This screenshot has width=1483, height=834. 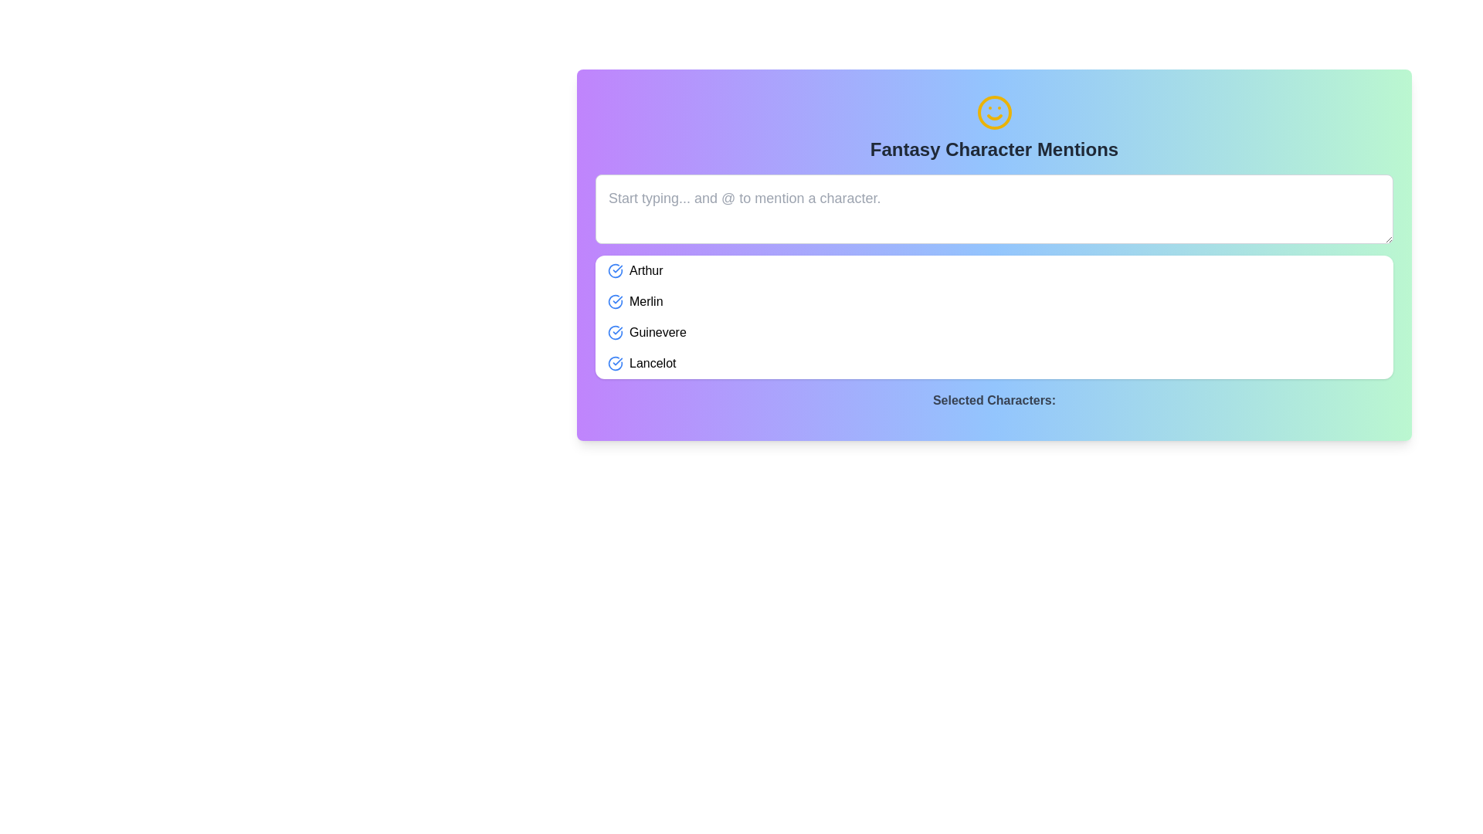 I want to click on the circular smiley face icon with a golden-yellow outline located in the header section above the text 'Fantasy Character Mentions', so click(x=994, y=112).